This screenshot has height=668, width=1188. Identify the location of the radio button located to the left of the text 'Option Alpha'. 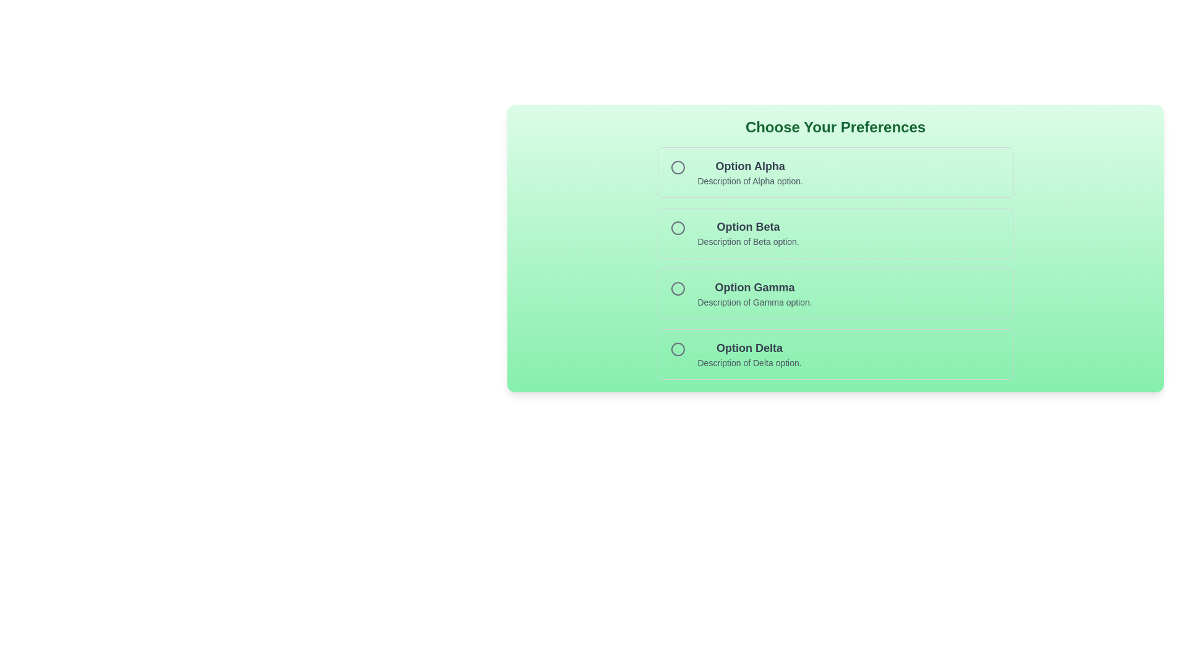
(677, 167).